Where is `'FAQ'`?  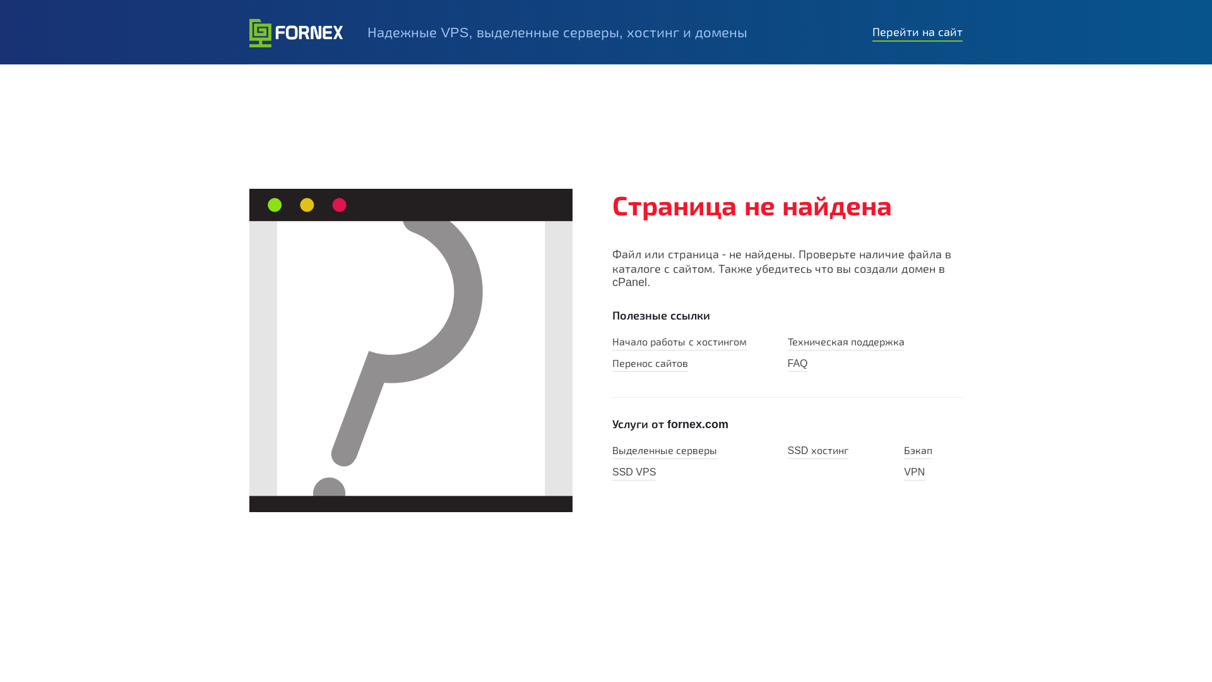
'FAQ' is located at coordinates (797, 365).